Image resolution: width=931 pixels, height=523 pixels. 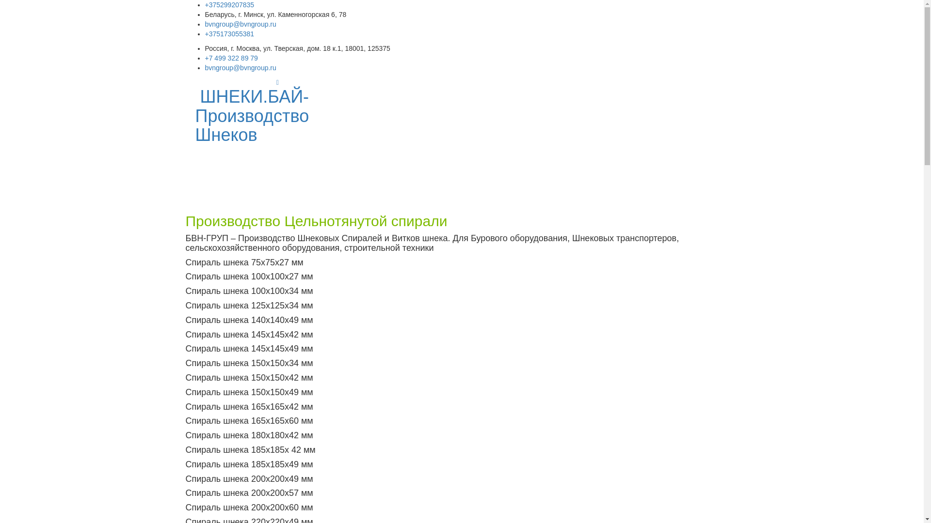 I want to click on '+375299207835', so click(x=204, y=5).